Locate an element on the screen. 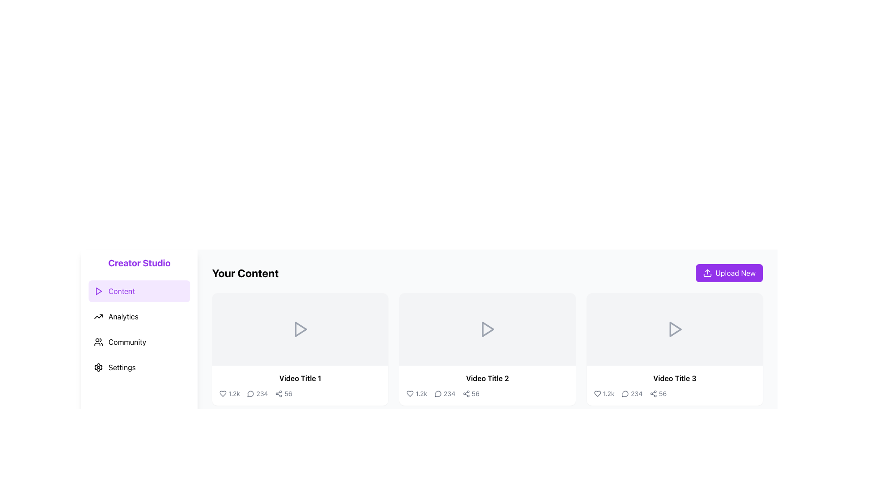 The image size is (872, 490). the gray rectangular button with a centered triangular play icon, which is the second video preview panel labeled 'Video Title 2' is located at coordinates (487, 329).